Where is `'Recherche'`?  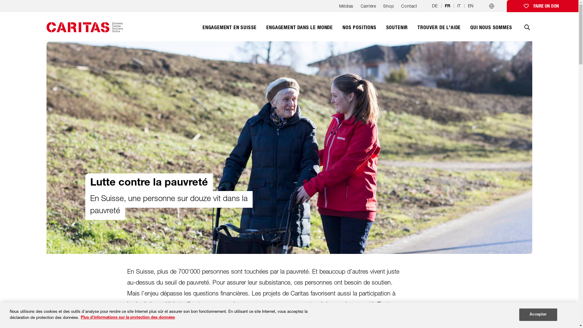 'Recherche' is located at coordinates (526, 32).